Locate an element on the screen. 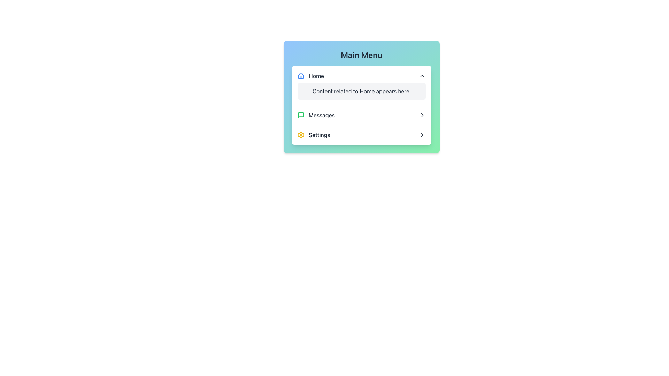 This screenshot has width=669, height=376. the static text label that describes the purpose of the associated menu item related is located at coordinates (319, 135).